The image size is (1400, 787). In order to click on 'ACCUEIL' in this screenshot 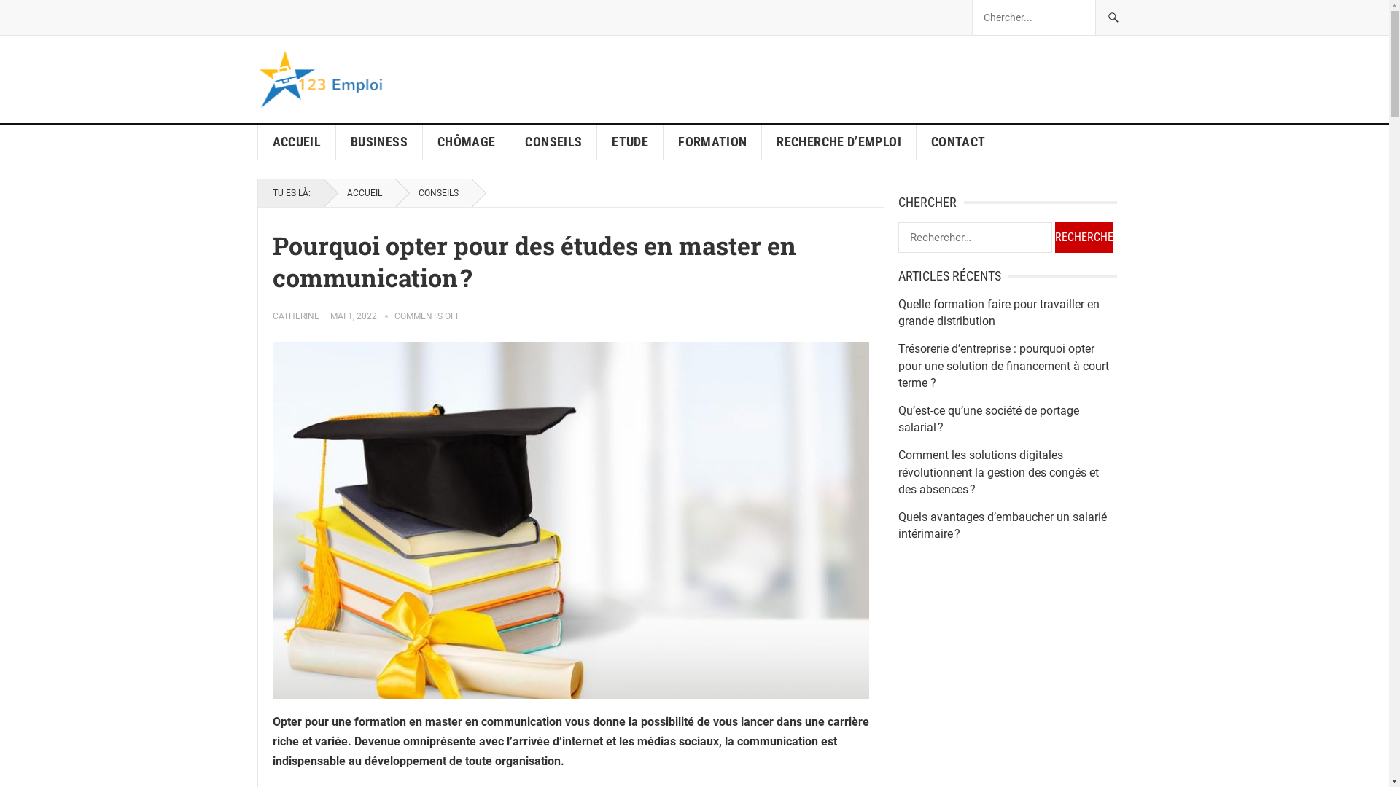, I will do `click(359, 192)`.